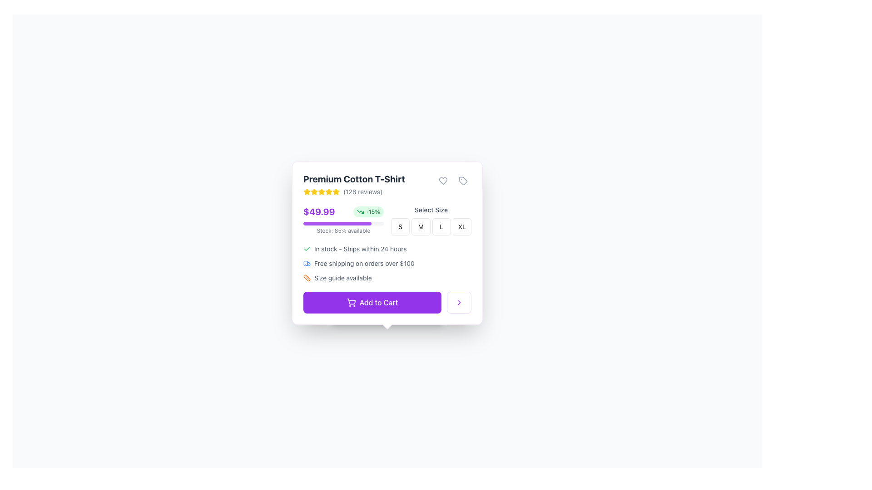 The width and height of the screenshot is (872, 490). What do you see at coordinates (379, 303) in the screenshot?
I see `the text label that indicates the action of adding an item to the shopping cart, which is part of a button located near the bottom-center of the layout` at bounding box center [379, 303].